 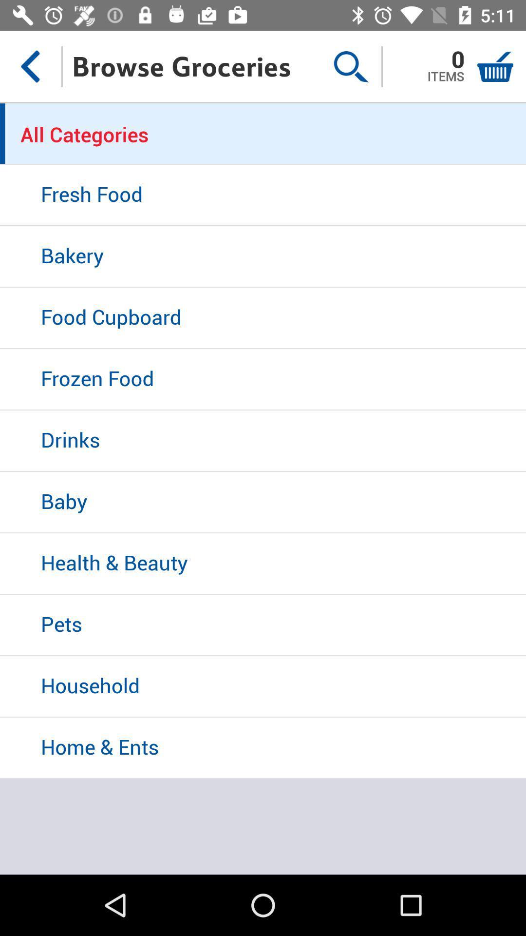 I want to click on icon above the drinks, so click(x=263, y=379).